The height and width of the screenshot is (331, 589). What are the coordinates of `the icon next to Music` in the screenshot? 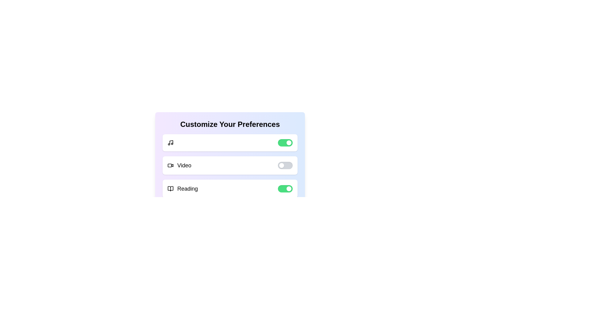 It's located at (171, 143).